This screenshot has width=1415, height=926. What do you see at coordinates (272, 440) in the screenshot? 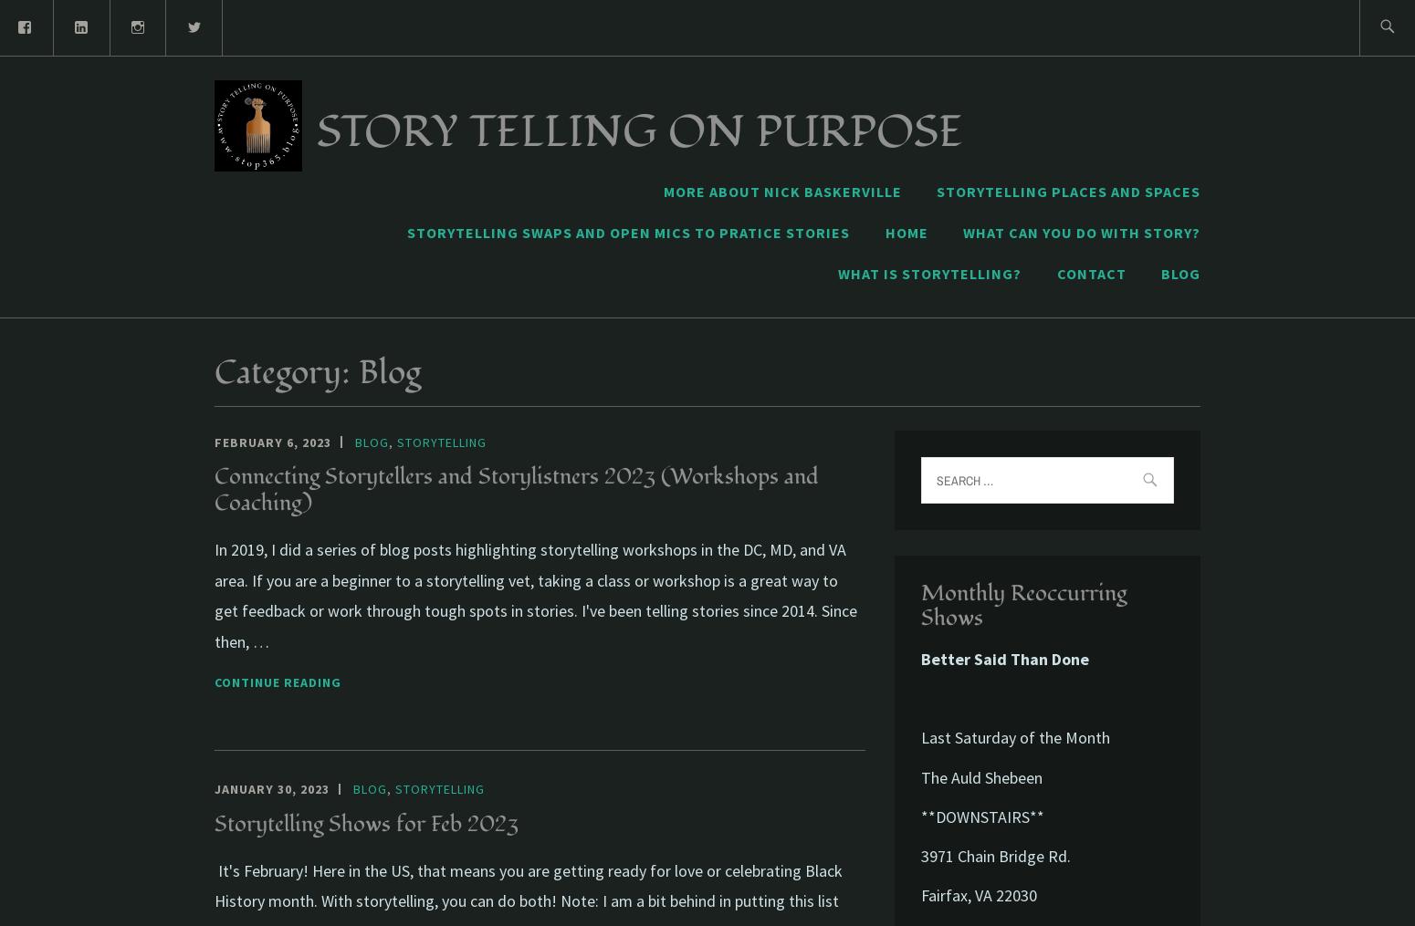
I see `'February 6, 2023'` at bounding box center [272, 440].